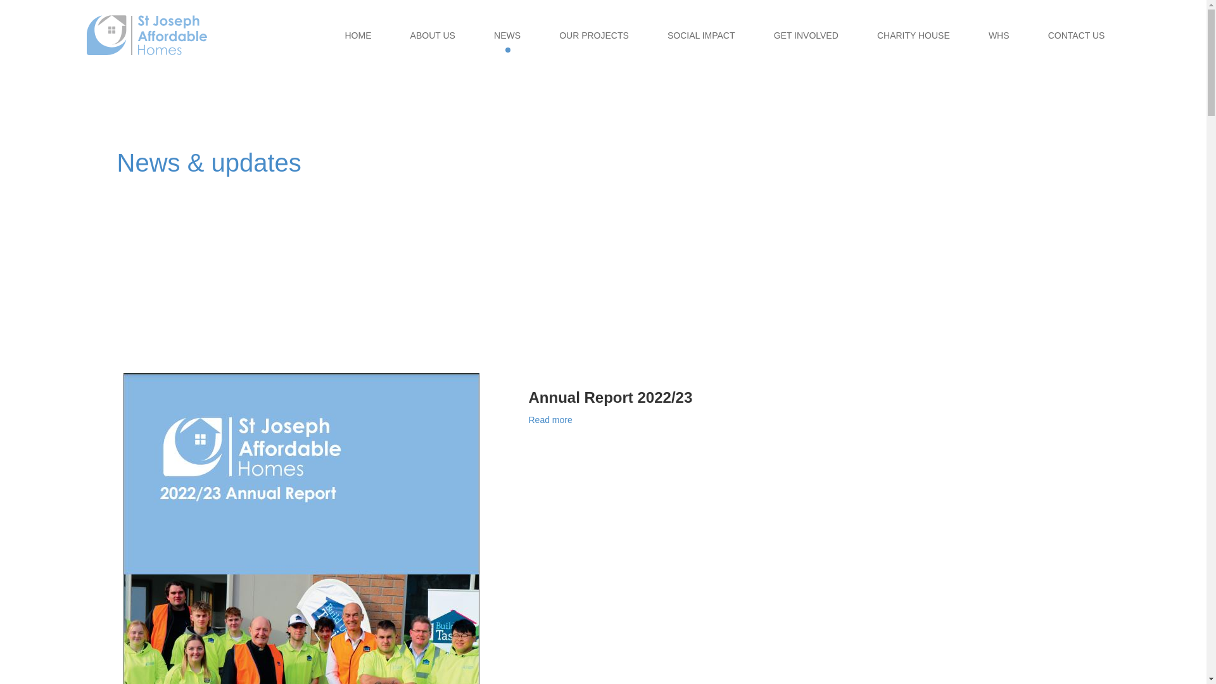 This screenshot has height=684, width=1216. What do you see at coordinates (700, 35) in the screenshot?
I see `'SOCIAL IMPACT'` at bounding box center [700, 35].